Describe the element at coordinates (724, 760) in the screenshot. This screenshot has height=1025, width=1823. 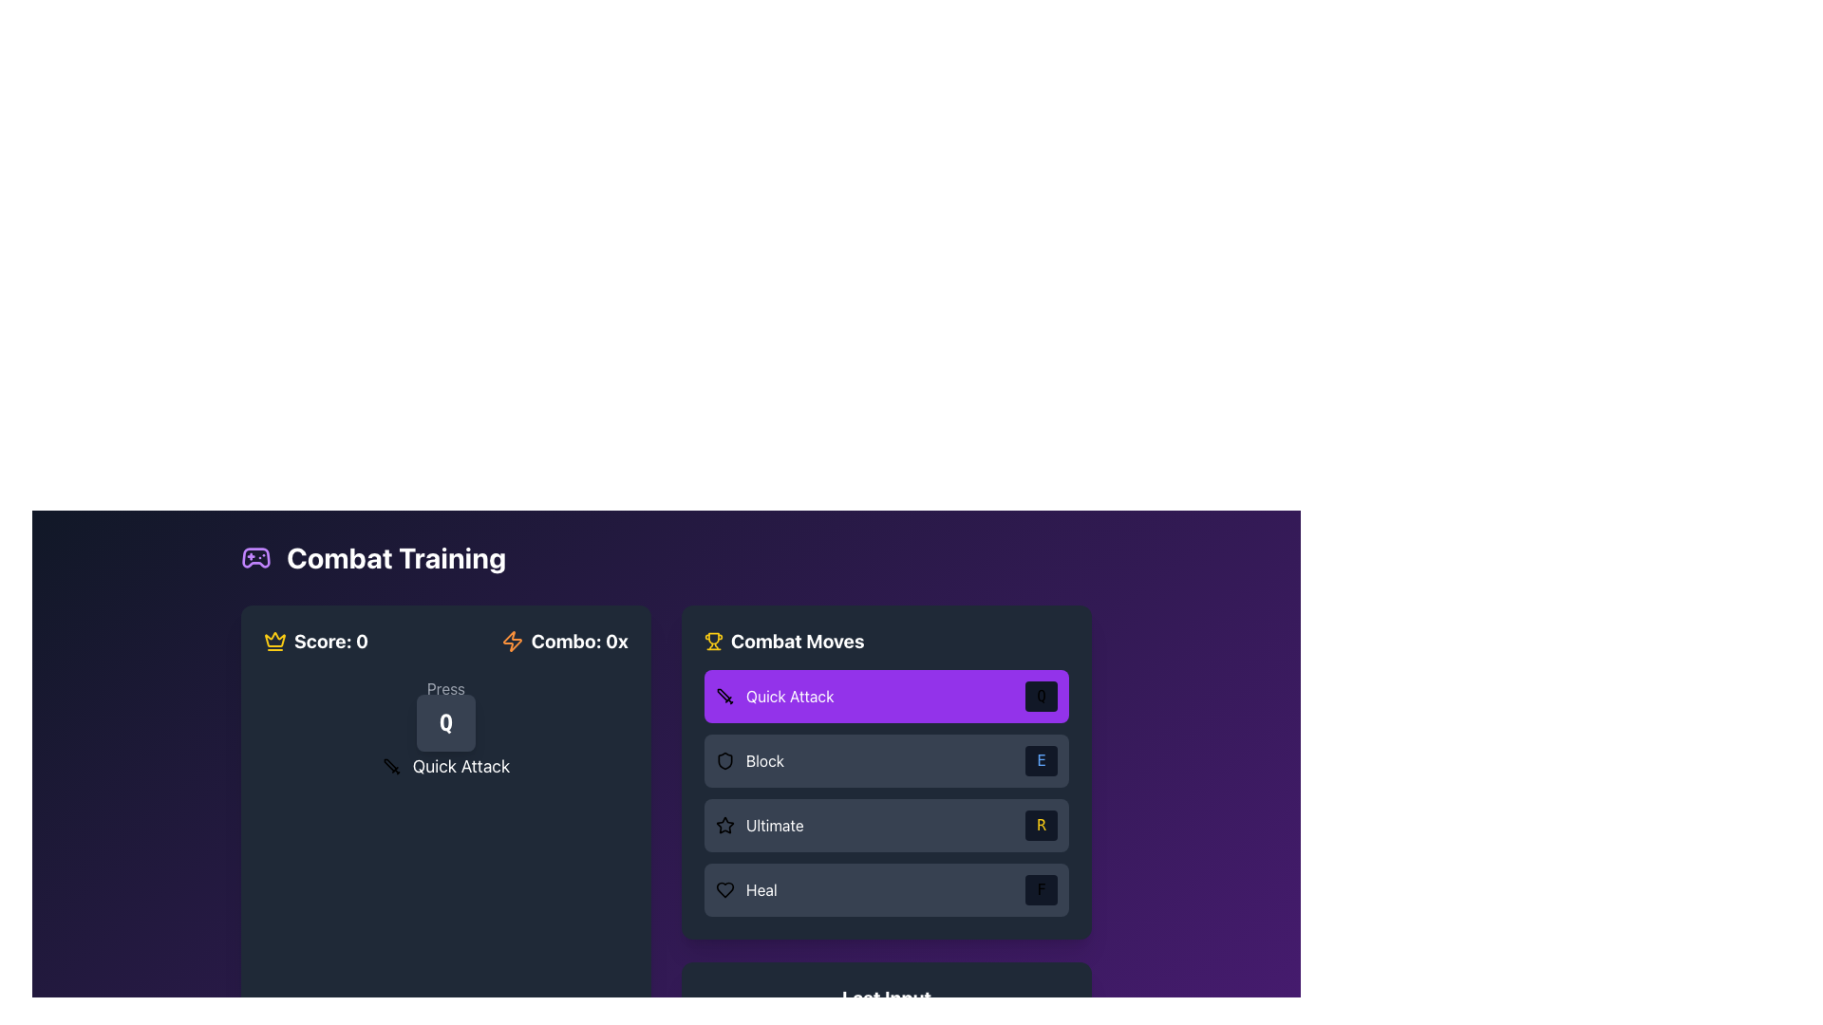
I see `the shield icon representing the 'Block' action in the 'Combat Moves' section, which is located second from the top in the vertical list of action icons` at that location.